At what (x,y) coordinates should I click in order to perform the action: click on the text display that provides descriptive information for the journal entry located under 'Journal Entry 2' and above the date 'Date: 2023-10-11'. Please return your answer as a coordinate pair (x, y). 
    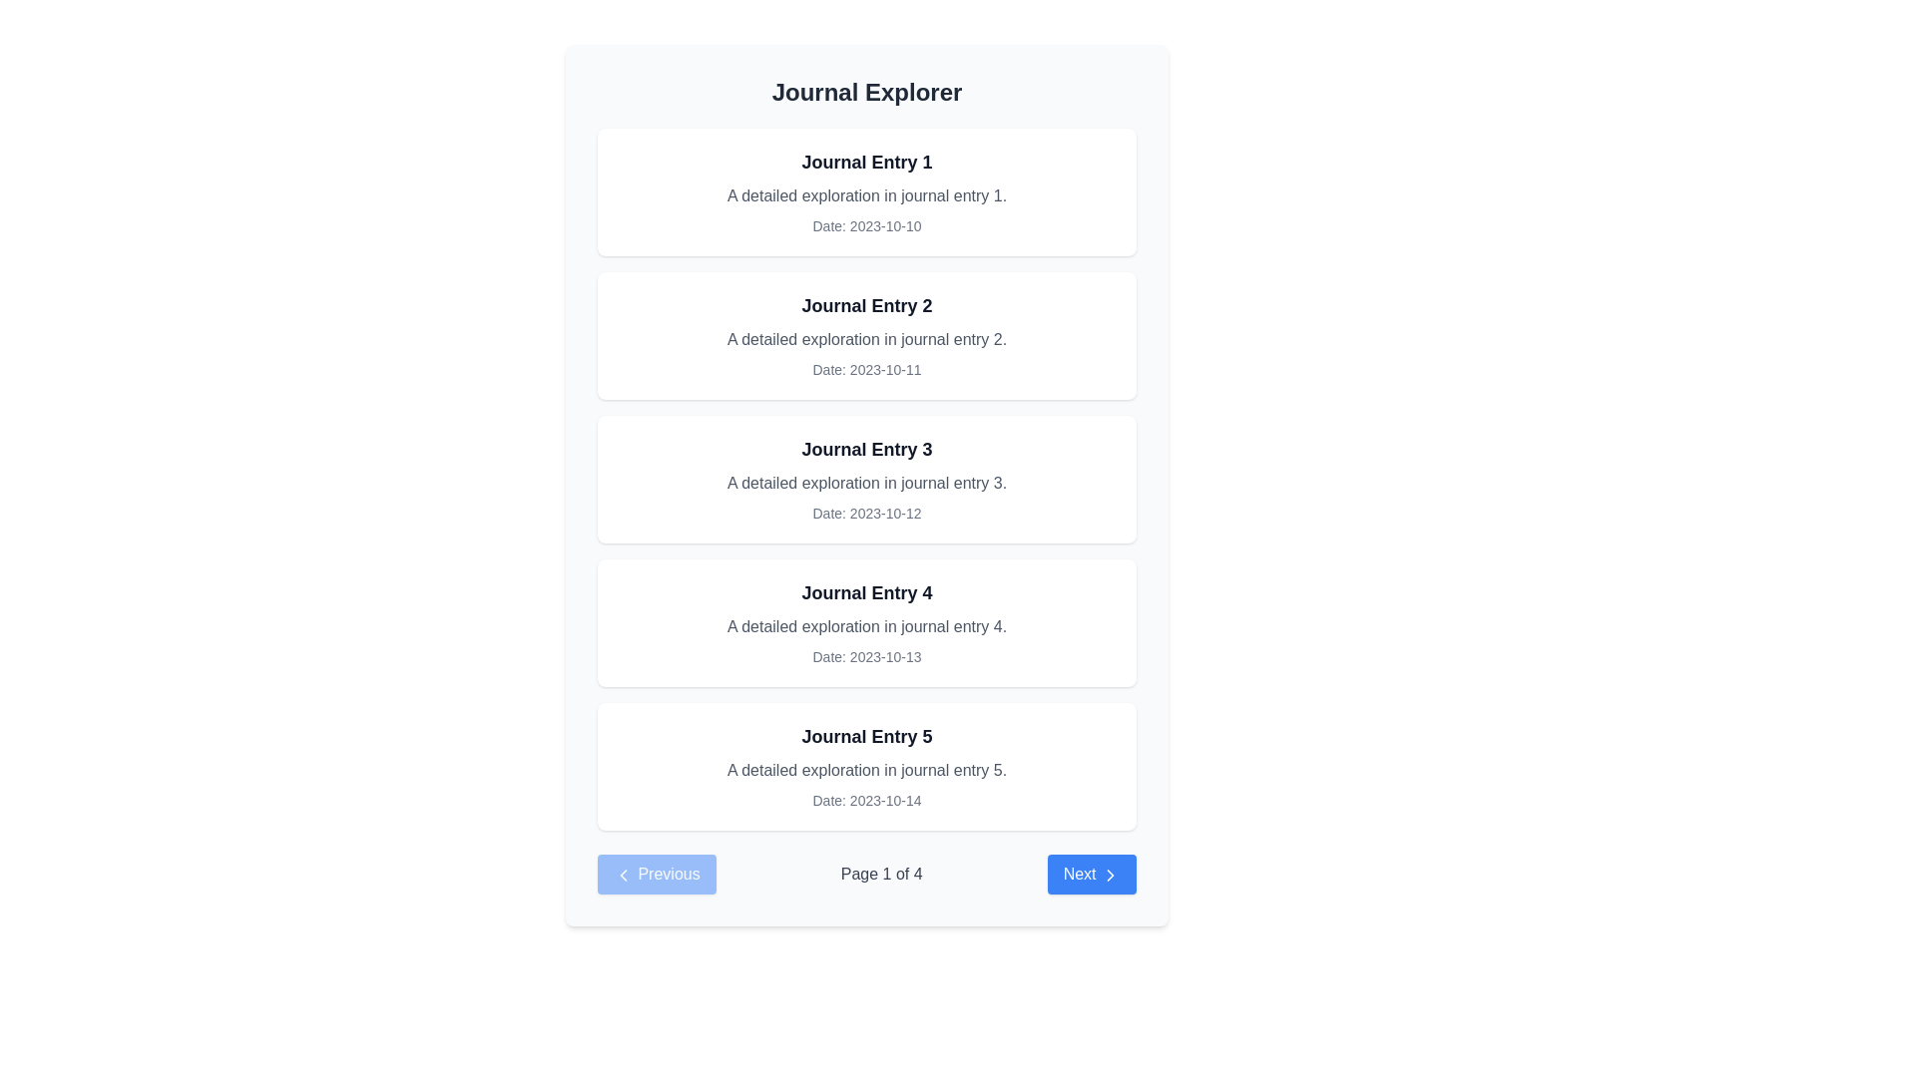
    Looking at the image, I should click on (866, 338).